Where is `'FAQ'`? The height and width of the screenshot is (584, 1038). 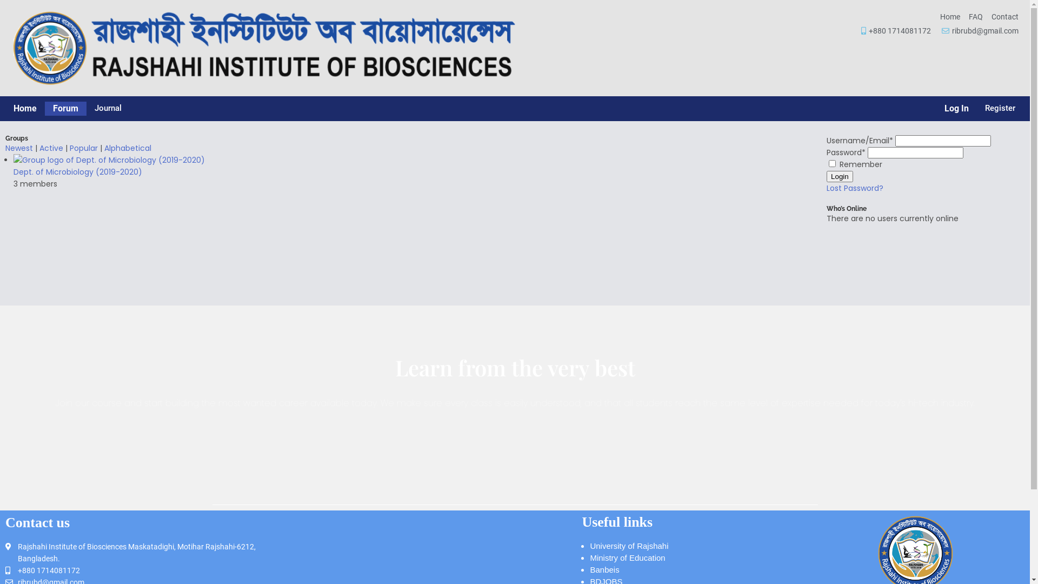 'FAQ' is located at coordinates (975, 16).